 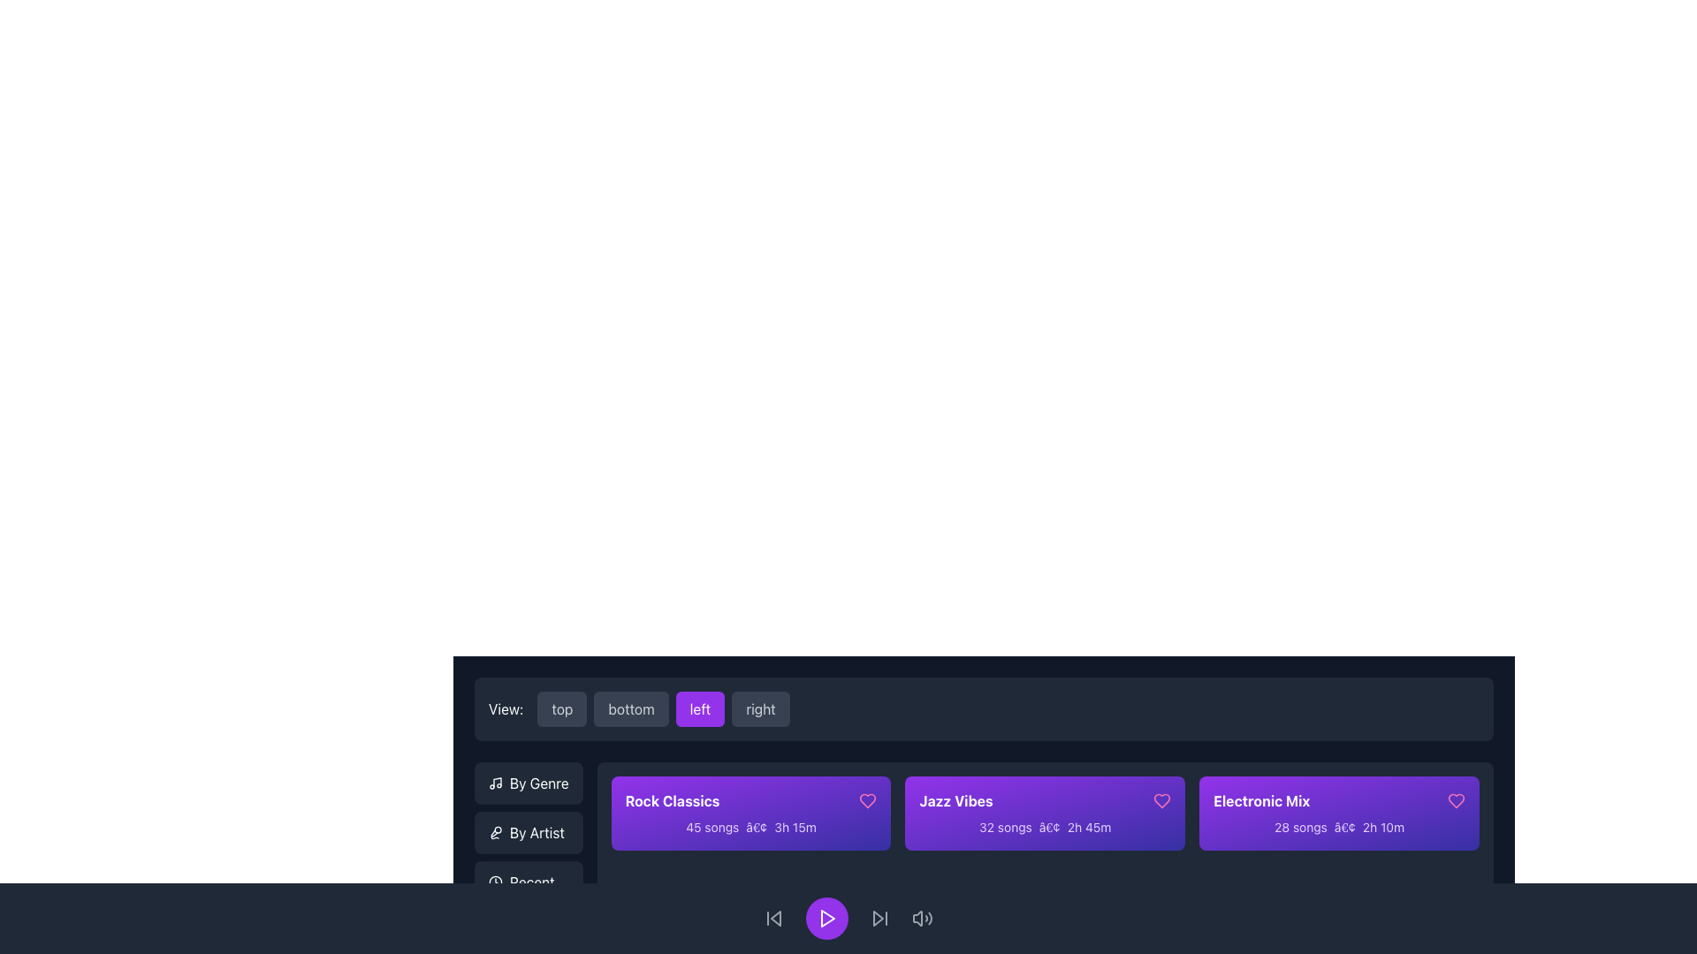 I want to click on the 'By Artist' button located in the vertical navigation menu, which has a dark background and white text, so click(x=528, y=832).